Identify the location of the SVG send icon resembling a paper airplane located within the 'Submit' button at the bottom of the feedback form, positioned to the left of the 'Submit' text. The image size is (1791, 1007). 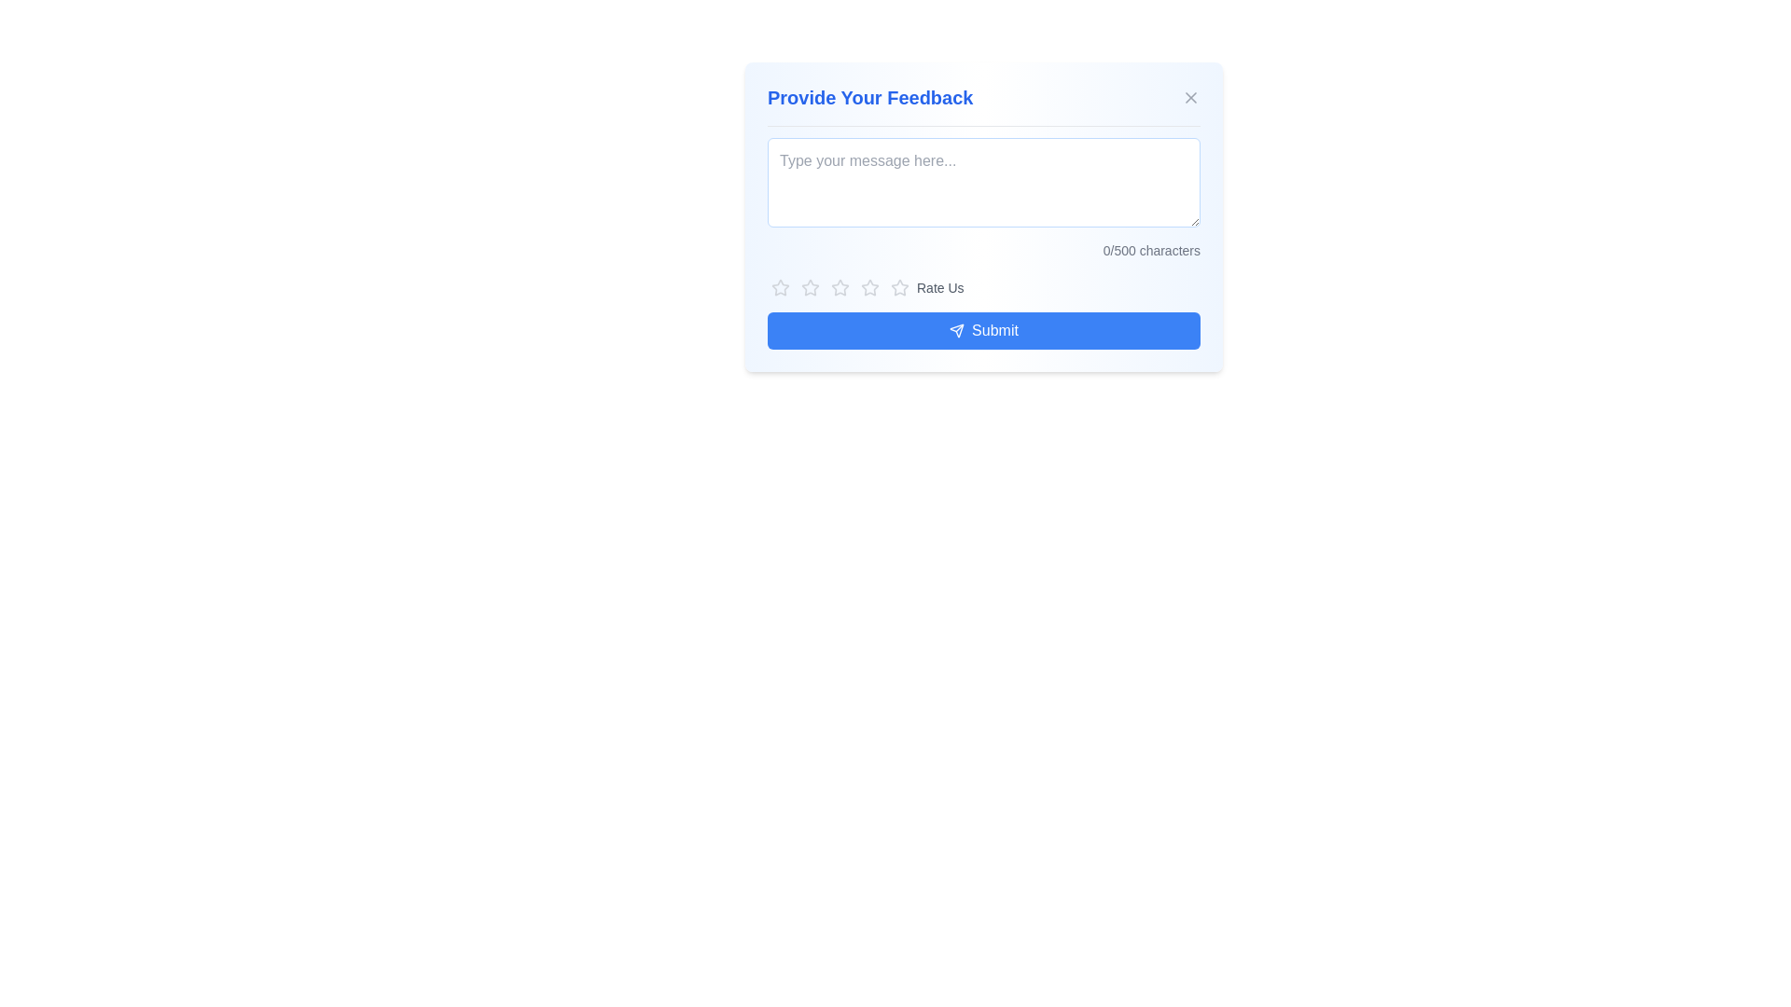
(957, 329).